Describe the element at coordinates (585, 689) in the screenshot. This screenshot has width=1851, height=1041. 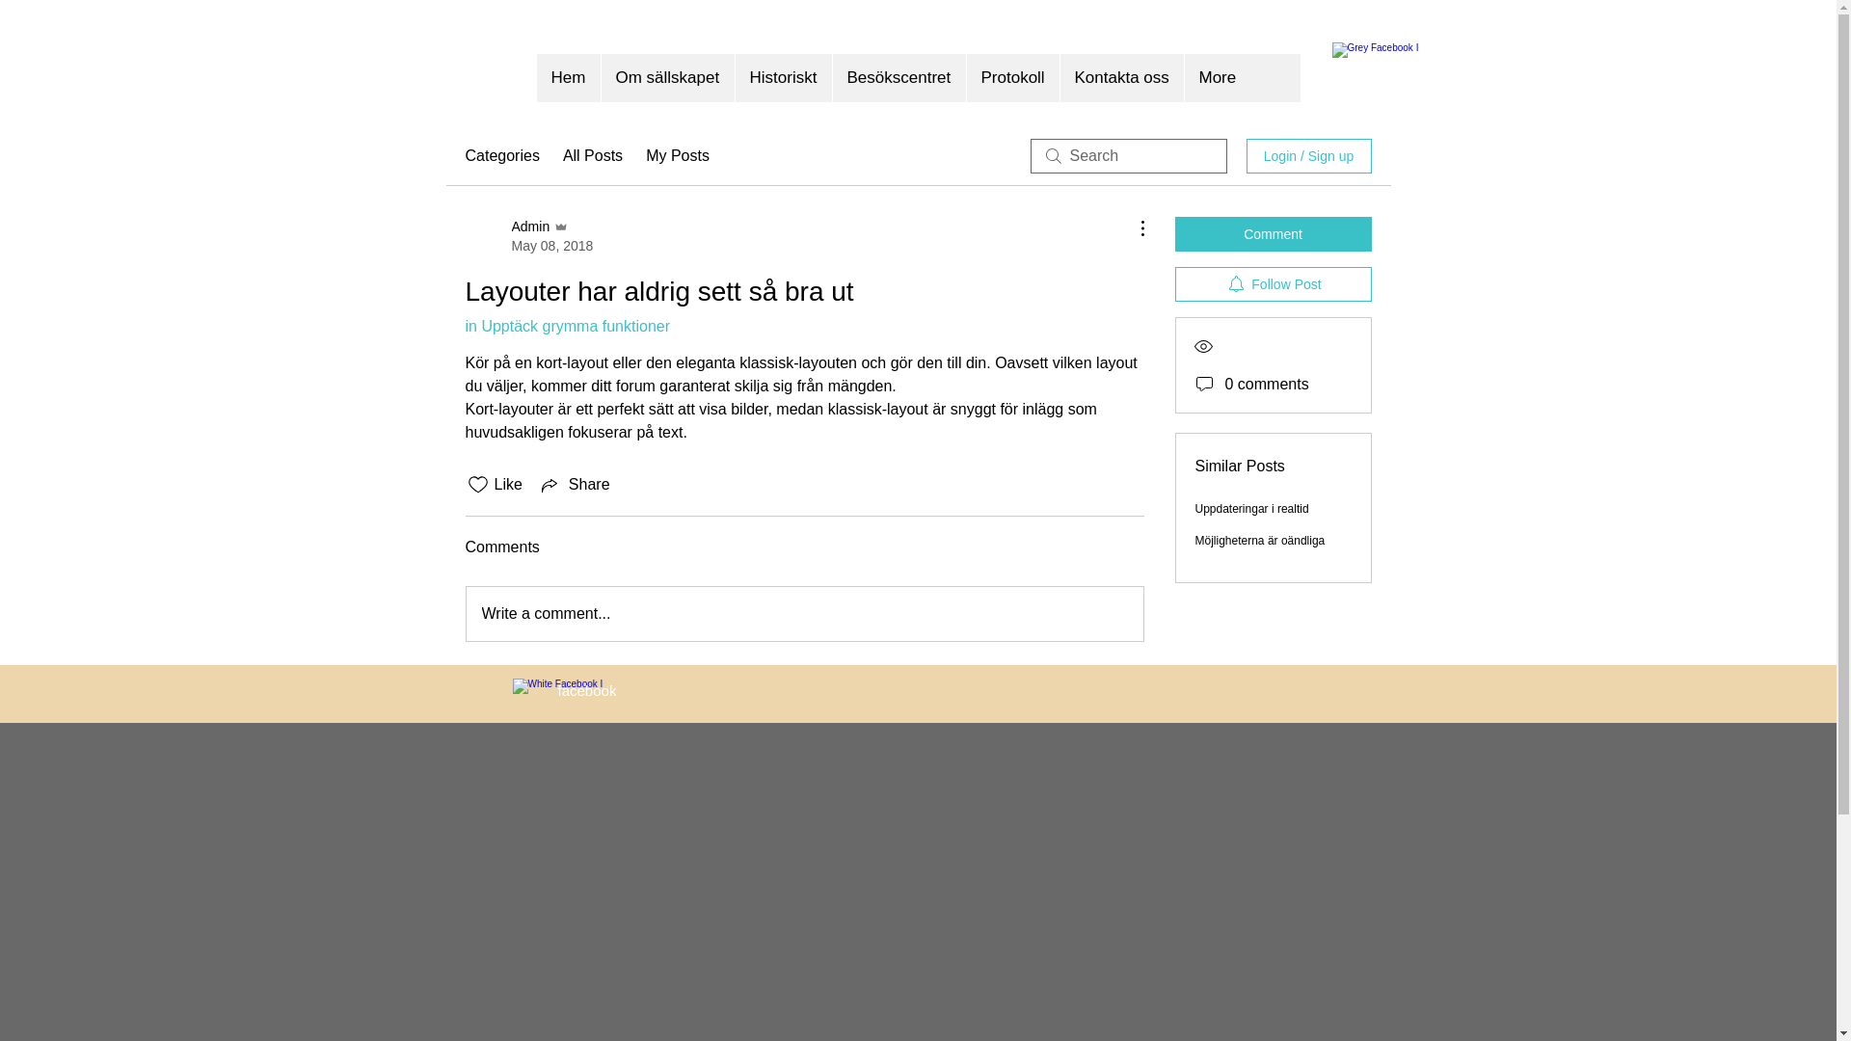
I see `'facebook'` at that location.